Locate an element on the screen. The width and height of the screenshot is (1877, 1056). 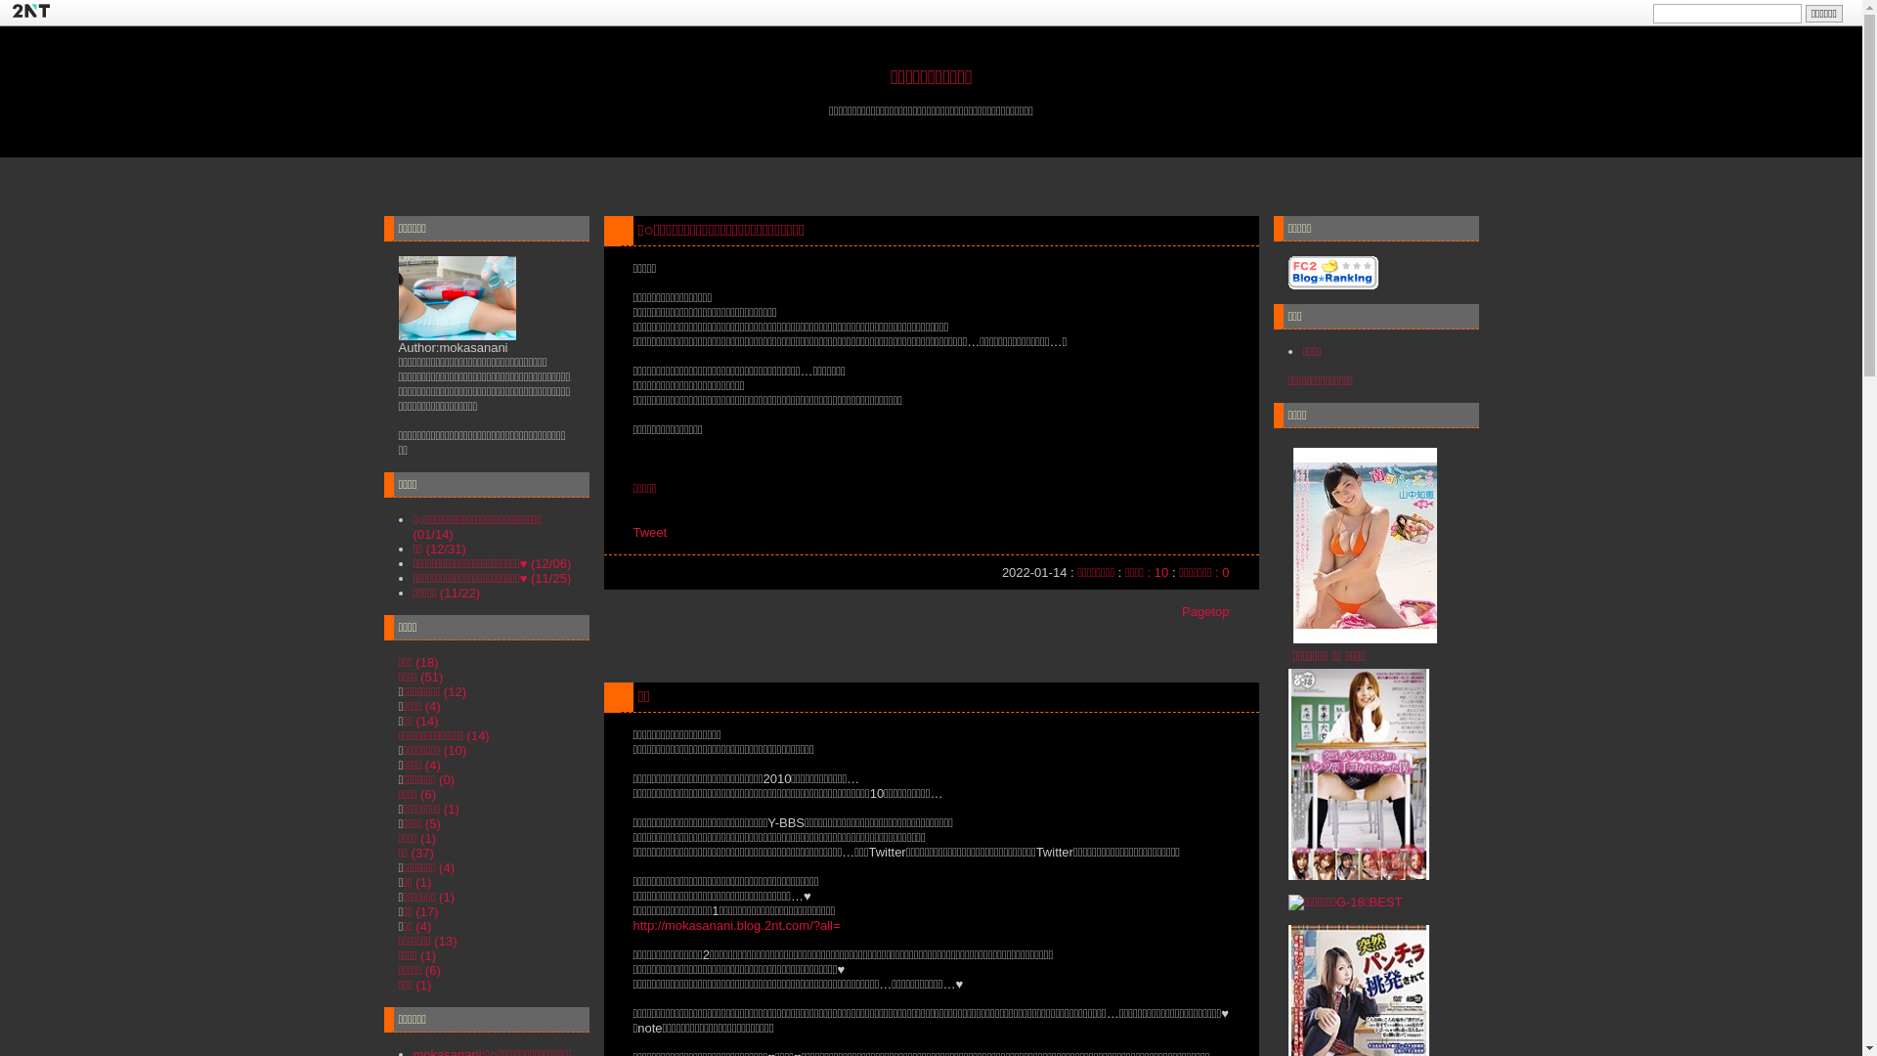
'http://mokasanani.blog.2nt.com/?all=' is located at coordinates (735, 924).